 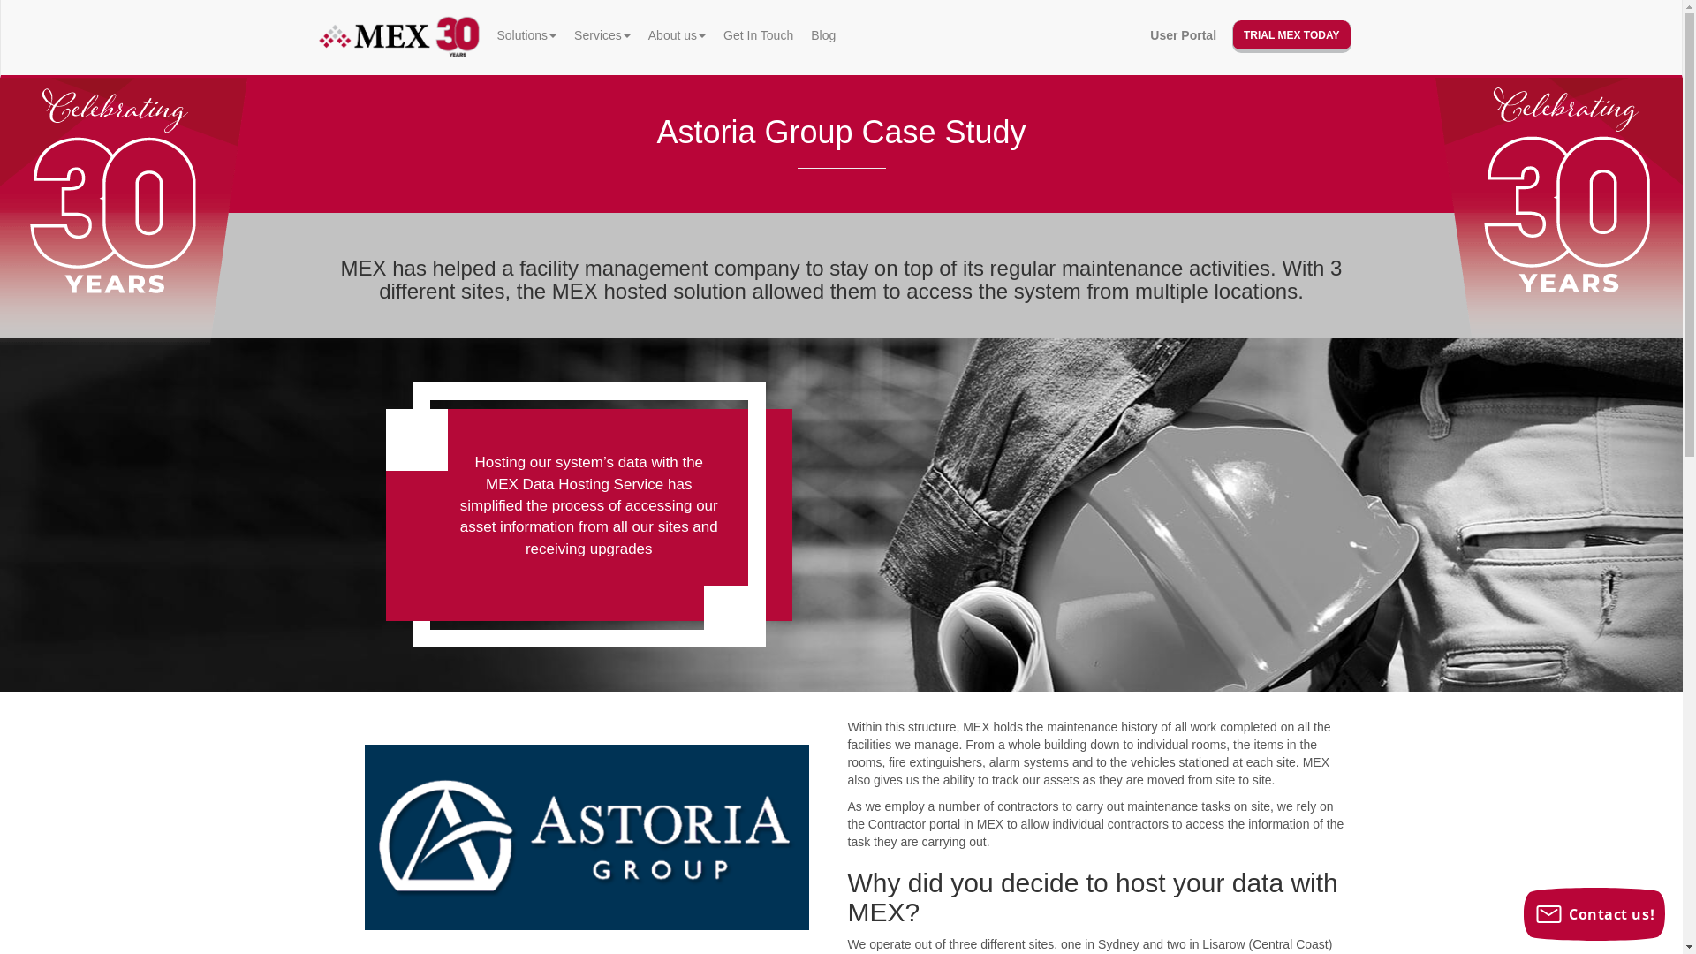 What do you see at coordinates (800, 34) in the screenshot?
I see `'Blog'` at bounding box center [800, 34].